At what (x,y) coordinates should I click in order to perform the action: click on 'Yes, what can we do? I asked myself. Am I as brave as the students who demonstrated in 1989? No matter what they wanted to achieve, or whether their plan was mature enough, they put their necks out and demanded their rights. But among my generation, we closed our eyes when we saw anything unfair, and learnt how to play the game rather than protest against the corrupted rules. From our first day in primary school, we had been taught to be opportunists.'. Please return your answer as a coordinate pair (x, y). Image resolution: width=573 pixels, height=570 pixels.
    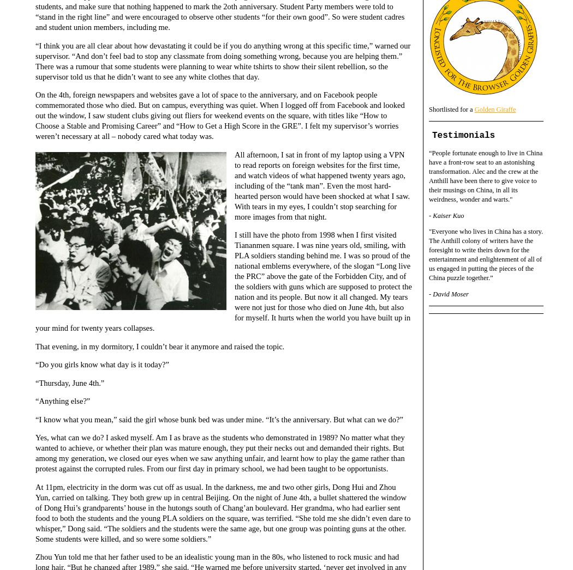
    Looking at the image, I should click on (34, 453).